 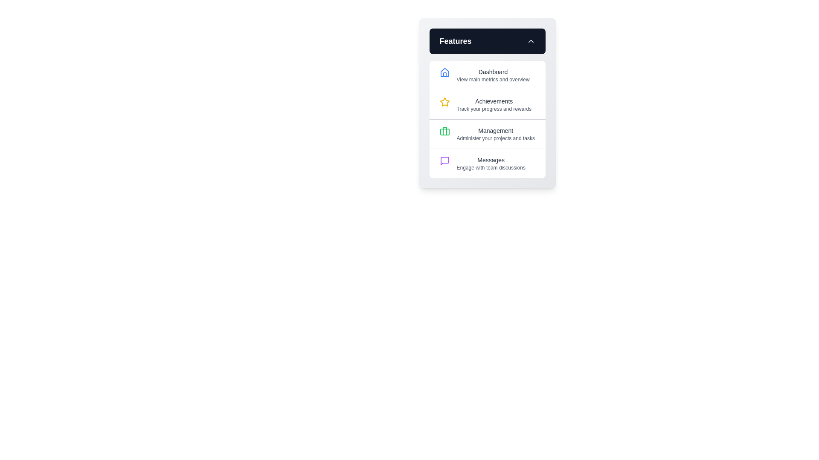 I want to click on the red-bordered message square icon located next to the 'Messages' label in the drop-down menu under the 'Features' header, so click(x=444, y=161).